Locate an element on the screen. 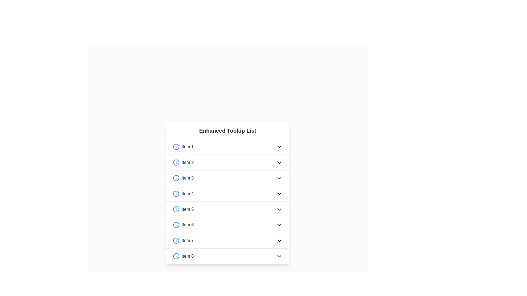 The width and height of the screenshot is (527, 296). the list item labeled 'Item 2' in the 'Enhanced Tooltip List' is located at coordinates (228, 162).